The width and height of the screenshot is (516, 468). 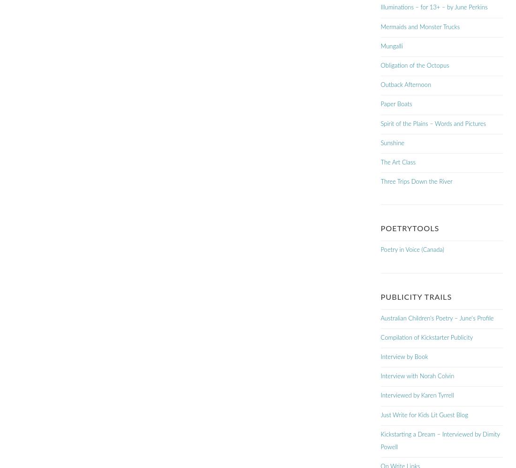 What do you see at coordinates (437, 318) in the screenshot?
I see `'Australian Children's Poetry – June's Profile'` at bounding box center [437, 318].